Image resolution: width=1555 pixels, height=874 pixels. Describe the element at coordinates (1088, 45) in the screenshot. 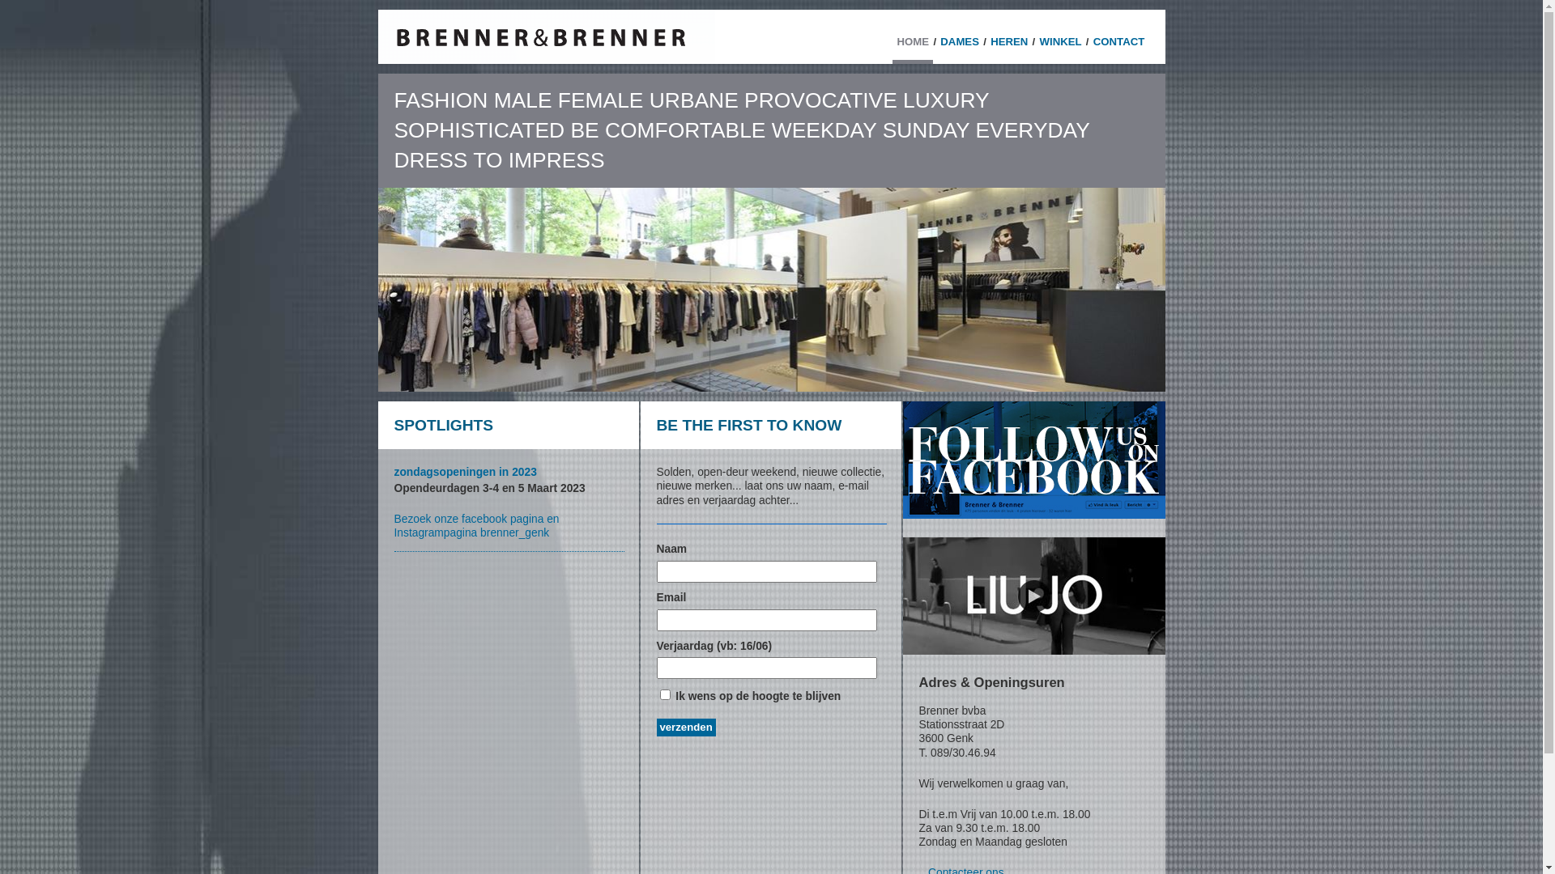

I see `'CONTACT'` at that location.